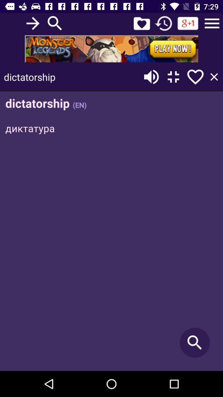 This screenshot has width=223, height=397. I want to click on advertisement, so click(111, 48).